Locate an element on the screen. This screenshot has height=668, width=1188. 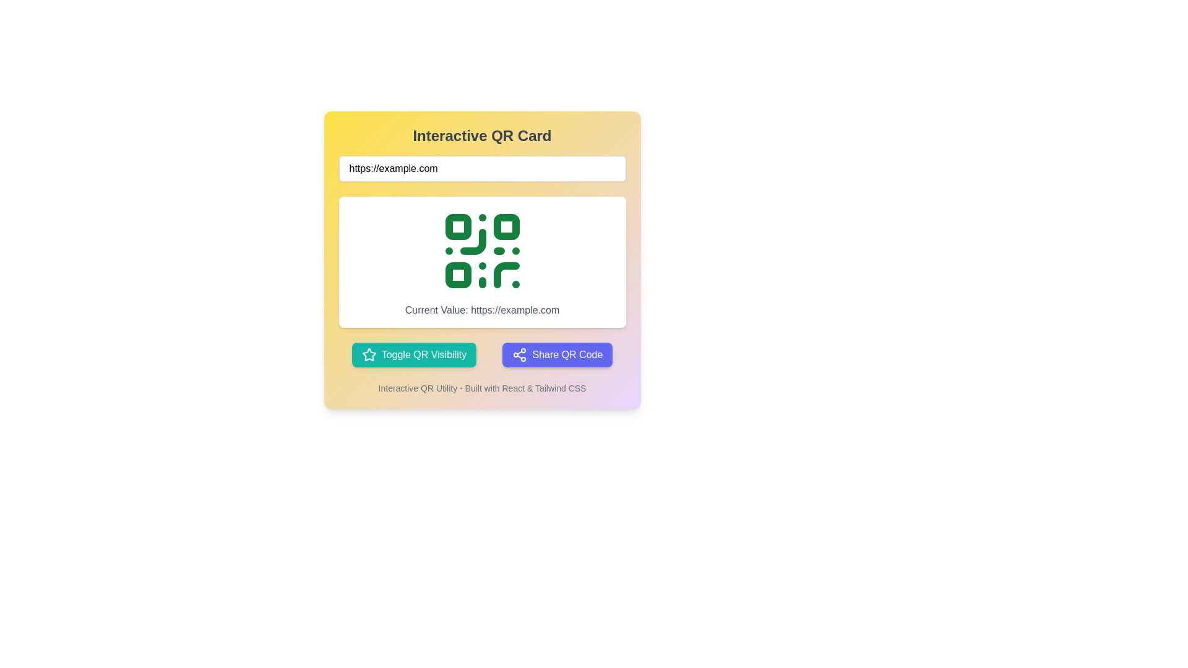
the small green square with rounded corners located in the top row of the QR code grid, which is the second square from the left is located at coordinates (506, 226).